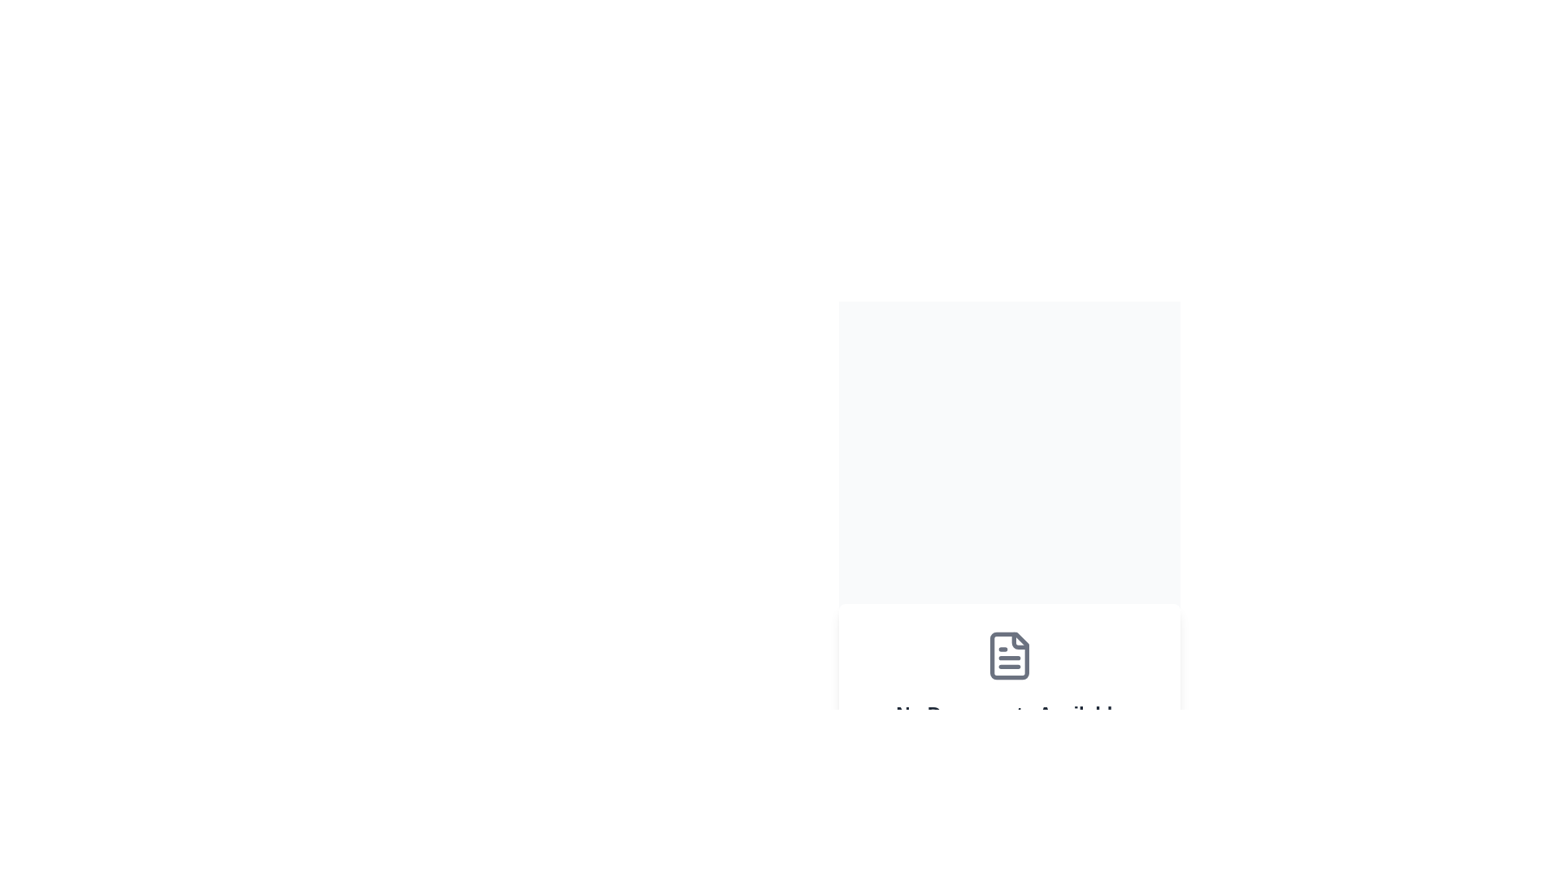  Describe the element at coordinates (1009, 654) in the screenshot. I see `the gray document-like icon with a folded upper-right corner, which features horizontal lines representing text and is located at the bottom-central area of the visible interface` at that location.